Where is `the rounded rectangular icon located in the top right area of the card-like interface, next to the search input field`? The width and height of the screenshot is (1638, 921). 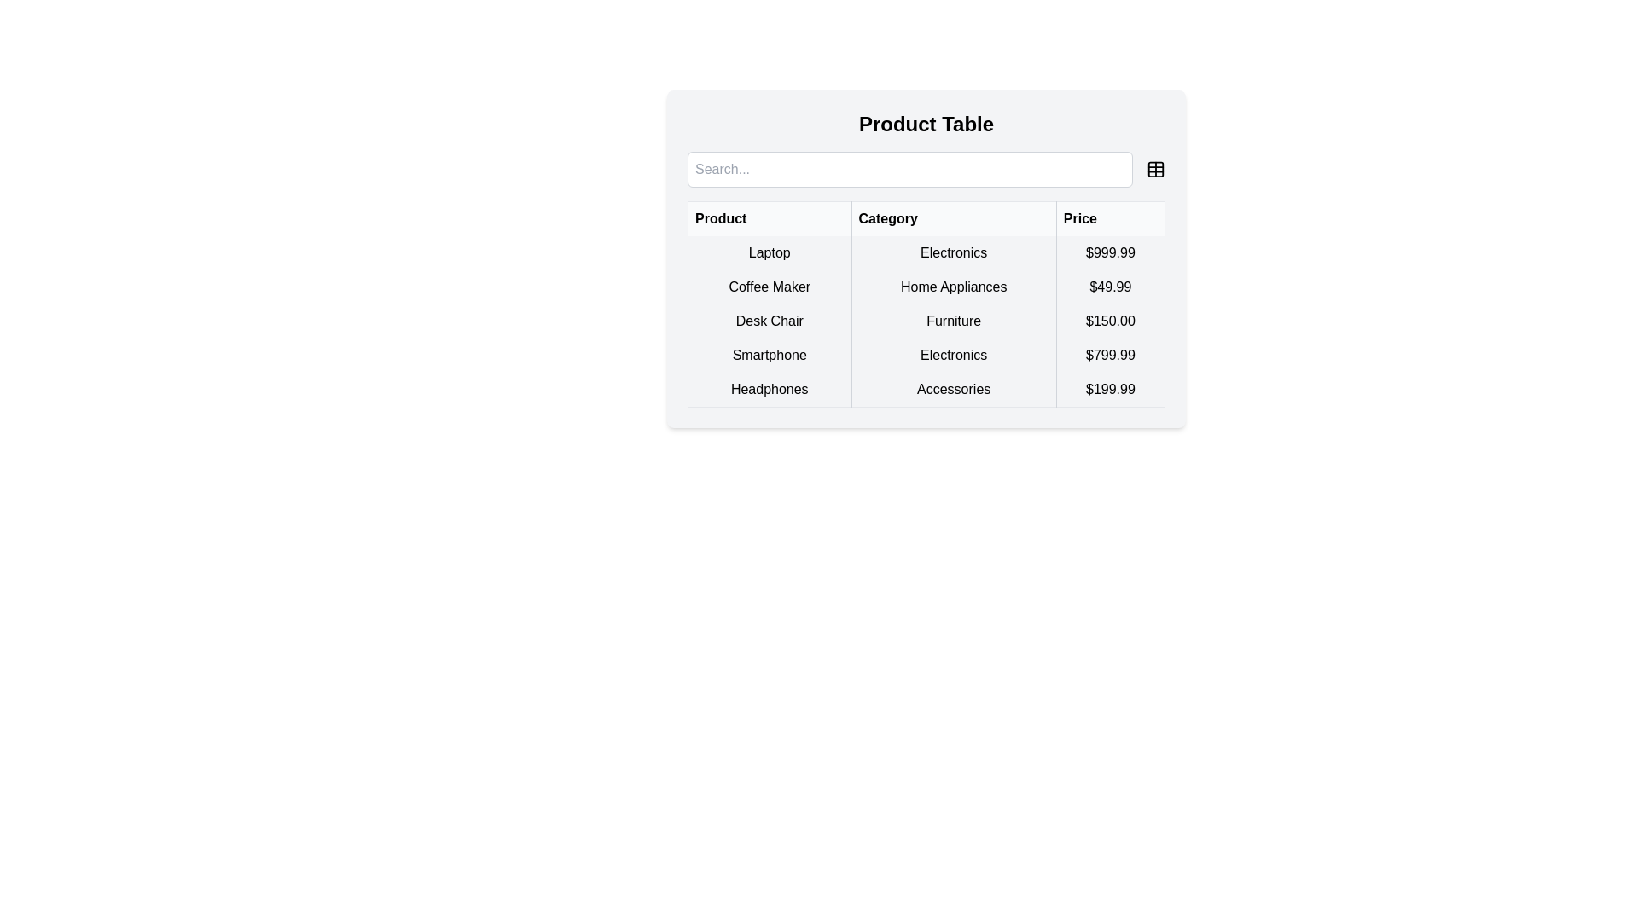 the rounded rectangular icon located in the top right area of the card-like interface, next to the search input field is located at coordinates (1155, 170).